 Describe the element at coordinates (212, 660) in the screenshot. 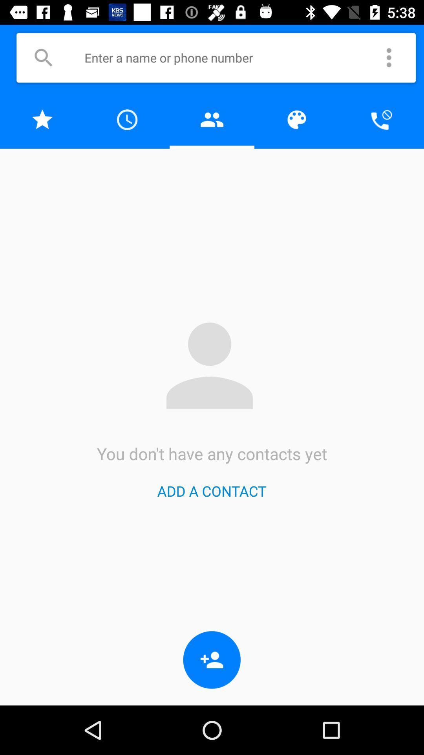

I see `the follow icon` at that location.